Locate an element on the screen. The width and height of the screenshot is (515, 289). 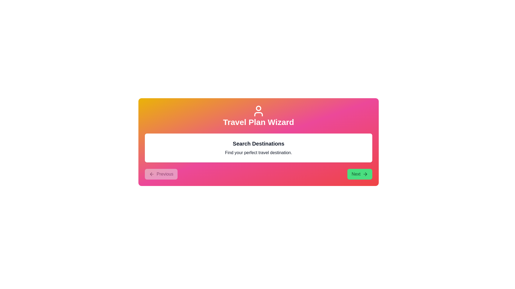
the 'Travel Plan Wizard' text header is located at coordinates (259, 115).